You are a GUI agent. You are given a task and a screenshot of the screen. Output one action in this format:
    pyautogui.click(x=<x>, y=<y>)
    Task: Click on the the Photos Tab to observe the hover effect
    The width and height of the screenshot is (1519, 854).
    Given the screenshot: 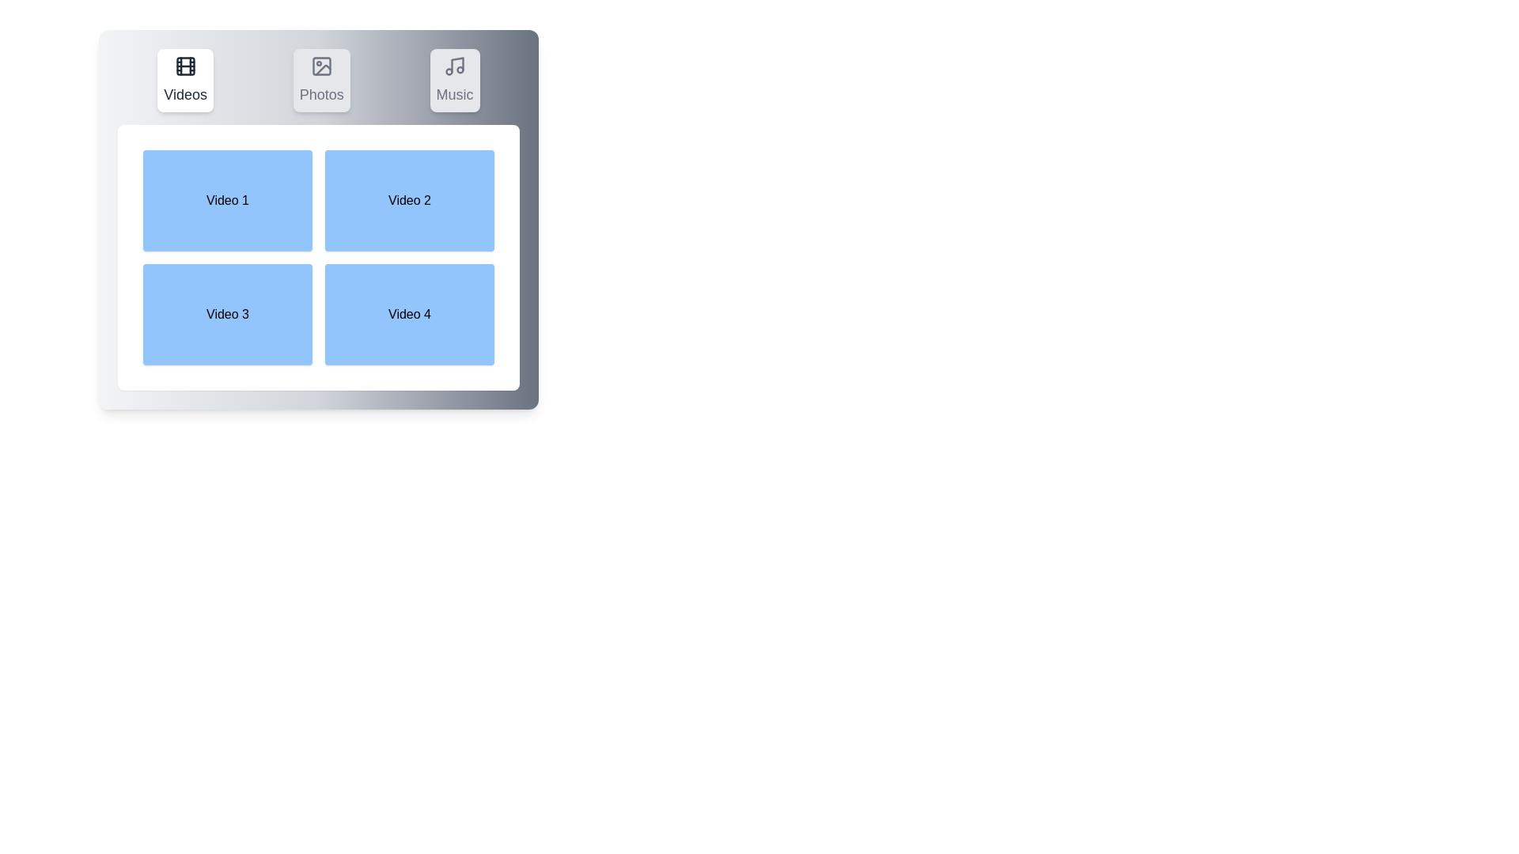 What is the action you would take?
    pyautogui.click(x=320, y=80)
    